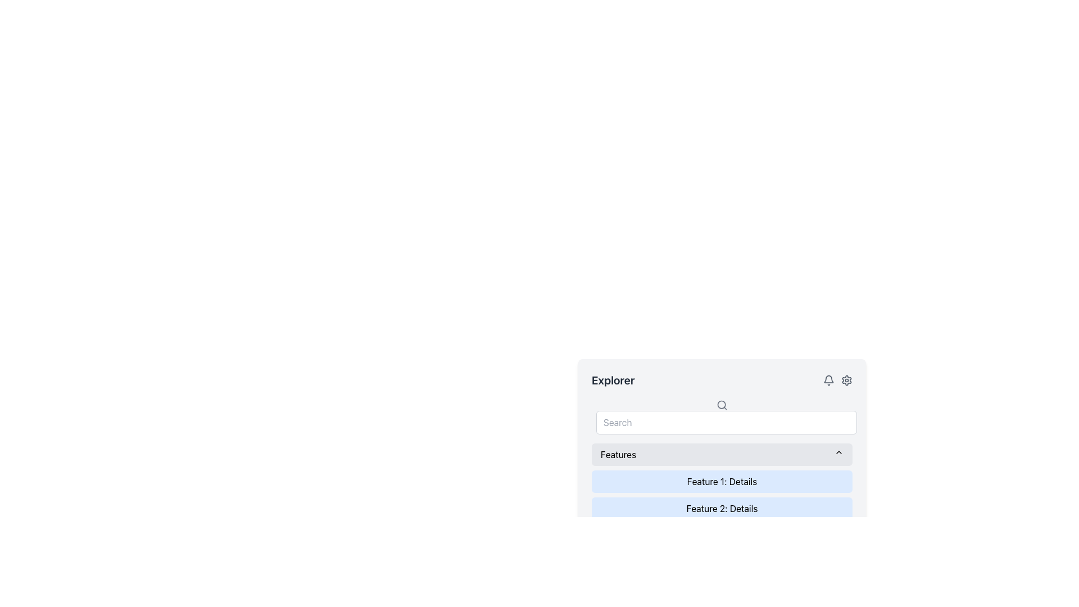 The image size is (1079, 607). Describe the element at coordinates (828, 380) in the screenshot. I see `the bell icon in the top-right section of the content pane` at that location.